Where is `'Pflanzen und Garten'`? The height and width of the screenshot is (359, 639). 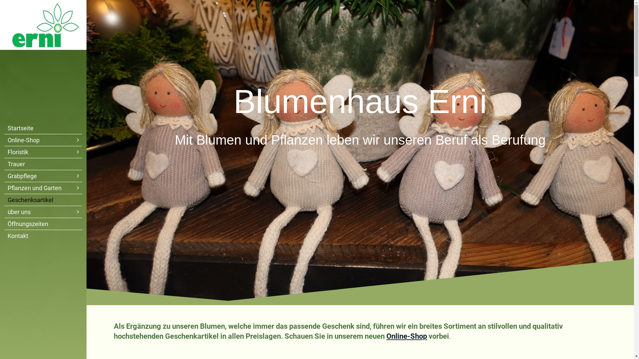 'Pflanzen und Garten' is located at coordinates (43, 188).